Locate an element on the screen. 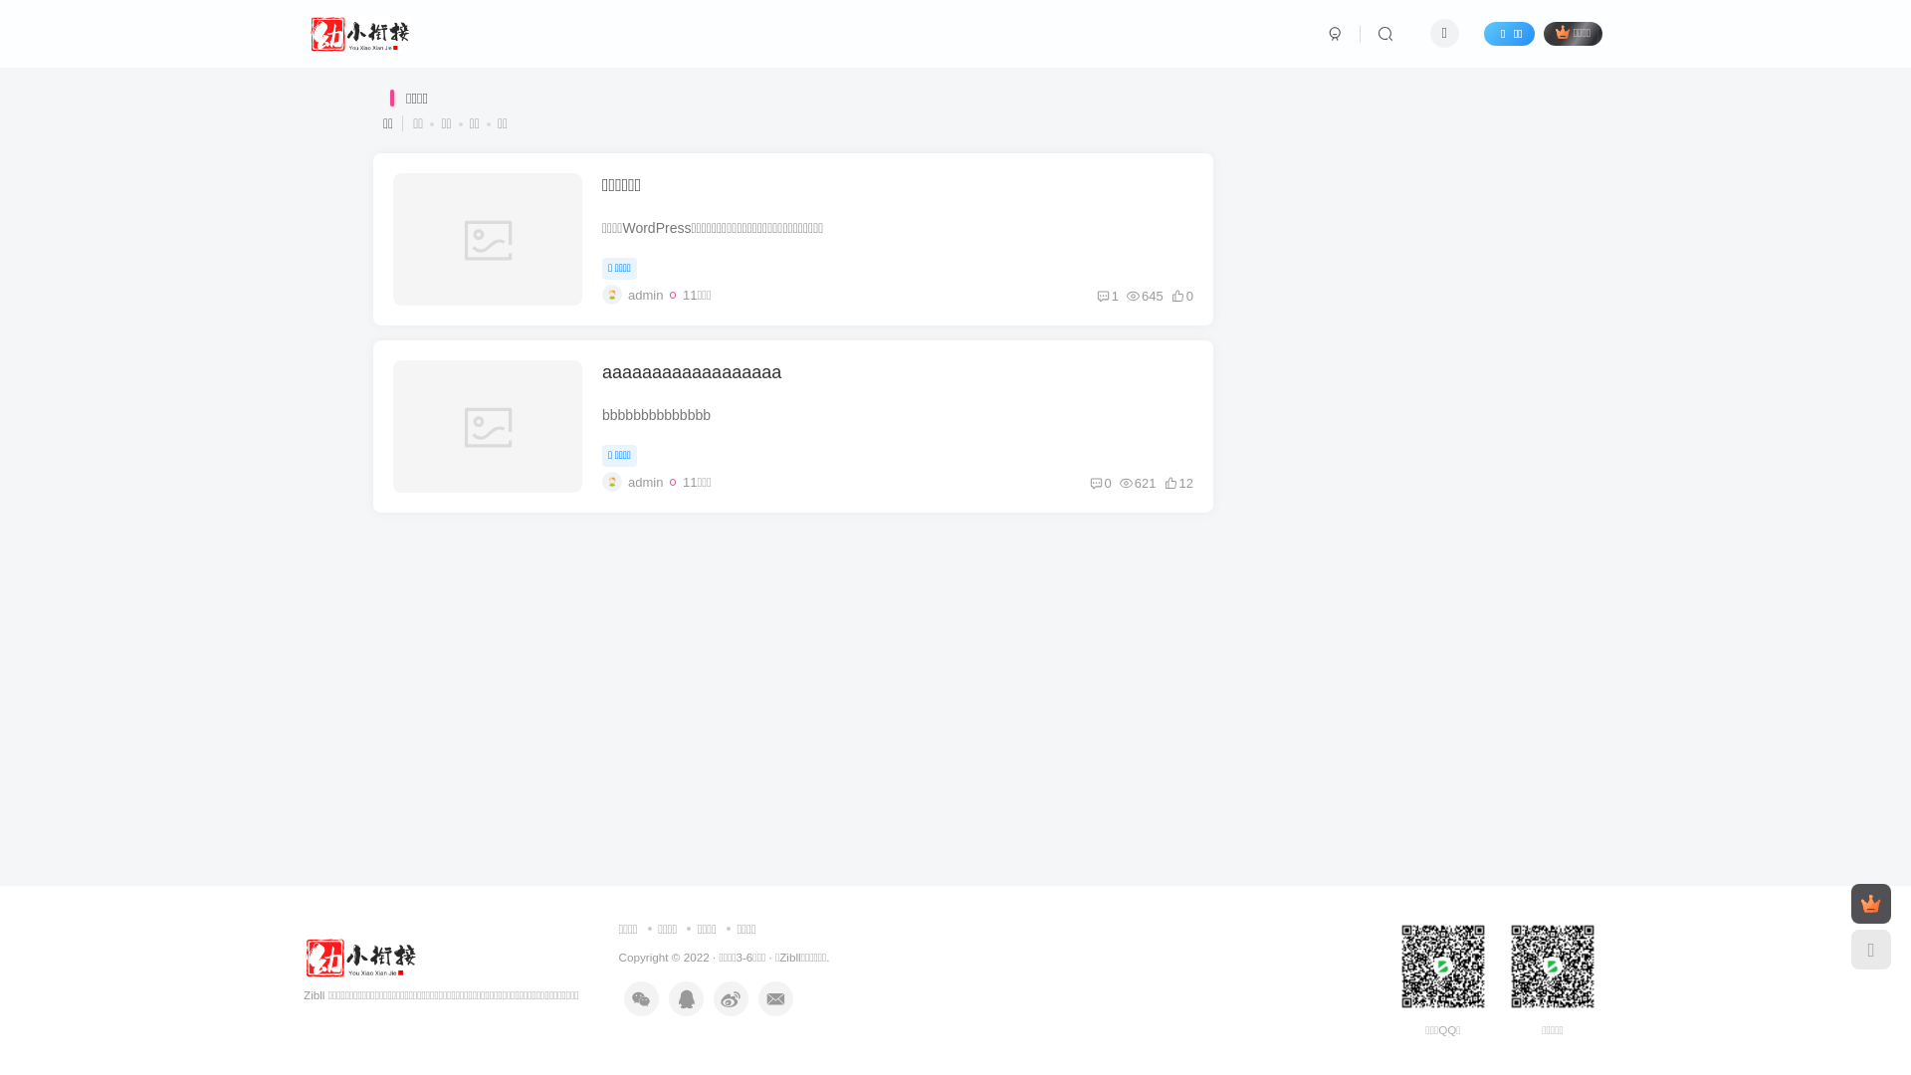 The height and width of the screenshot is (1075, 1911). 'aaaaaaaaaaaaaaaaaa' is located at coordinates (692, 372).